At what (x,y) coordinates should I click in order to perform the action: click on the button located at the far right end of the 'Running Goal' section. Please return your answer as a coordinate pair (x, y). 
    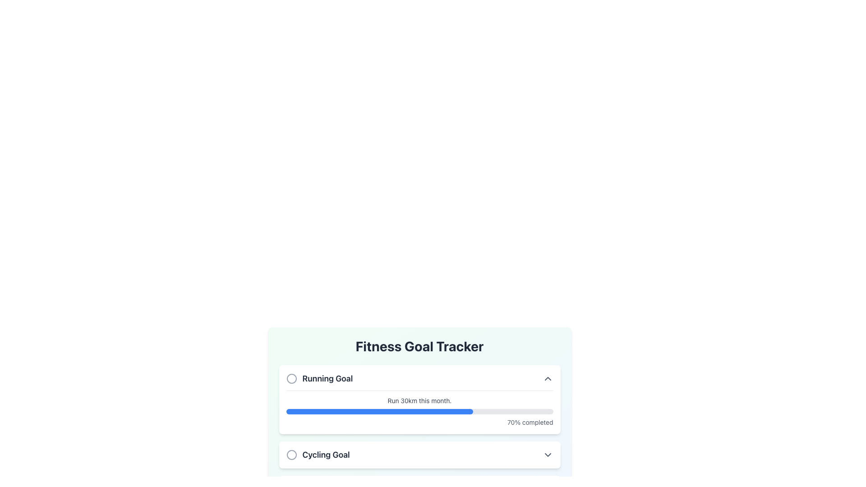
    Looking at the image, I should click on (547, 379).